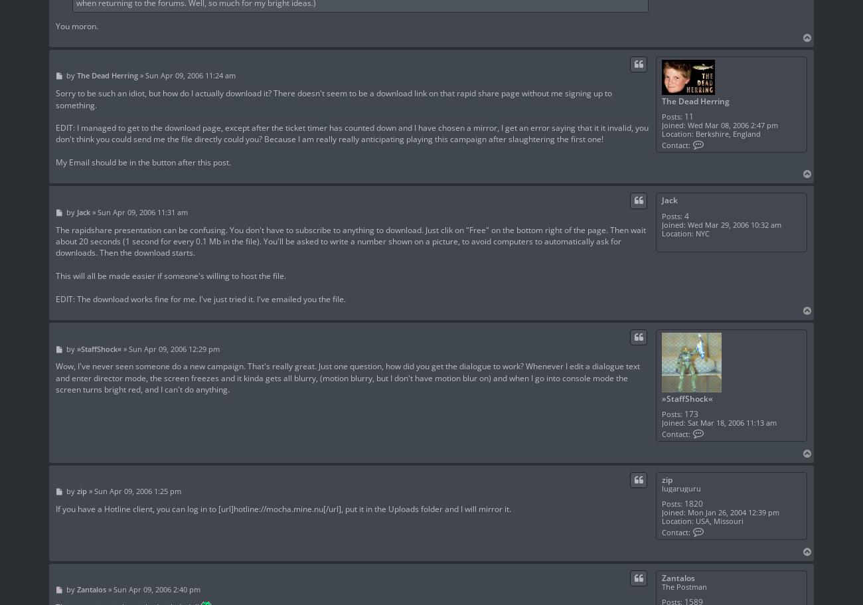  Describe the element at coordinates (731, 512) in the screenshot. I see `'Mon Jan 26, 2004 12:39 pm'` at that location.